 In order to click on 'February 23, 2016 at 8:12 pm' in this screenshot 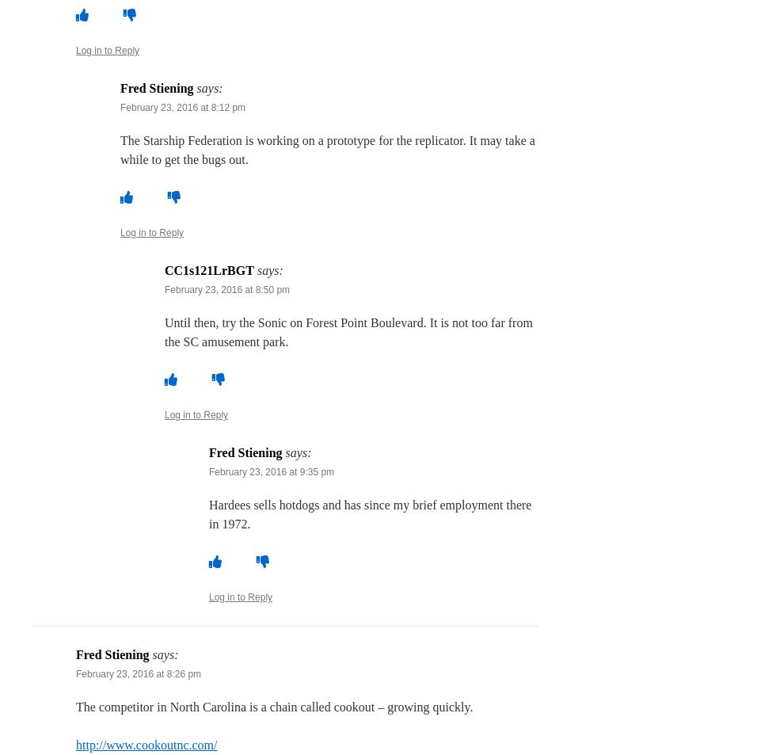, I will do `click(182, 106)`.